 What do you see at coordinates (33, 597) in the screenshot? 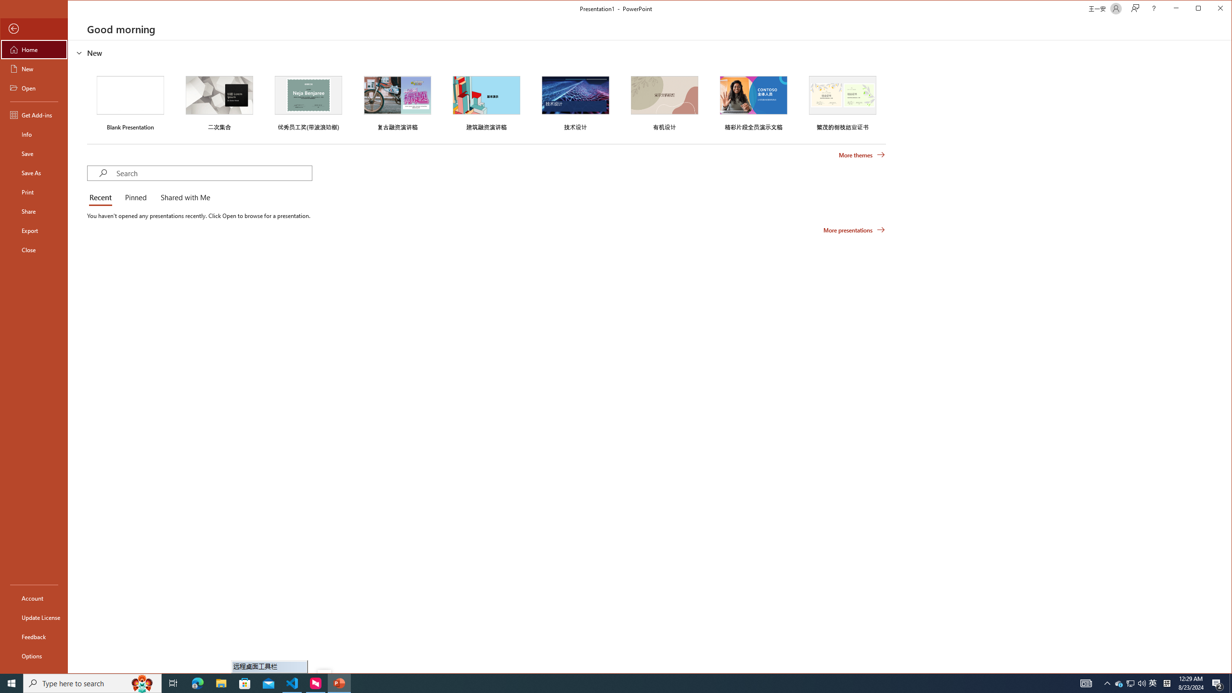
I see `'Account'` at bounding box center [33, 597].